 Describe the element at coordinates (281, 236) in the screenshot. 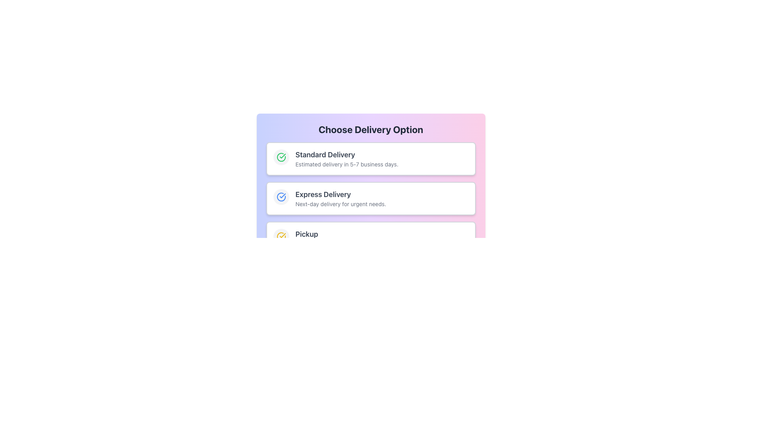

I see `the graphical icon indicating the 'Pickup' delivery option located in the top-left corner of the card adjacent to the 'Pickup' text` at that location.